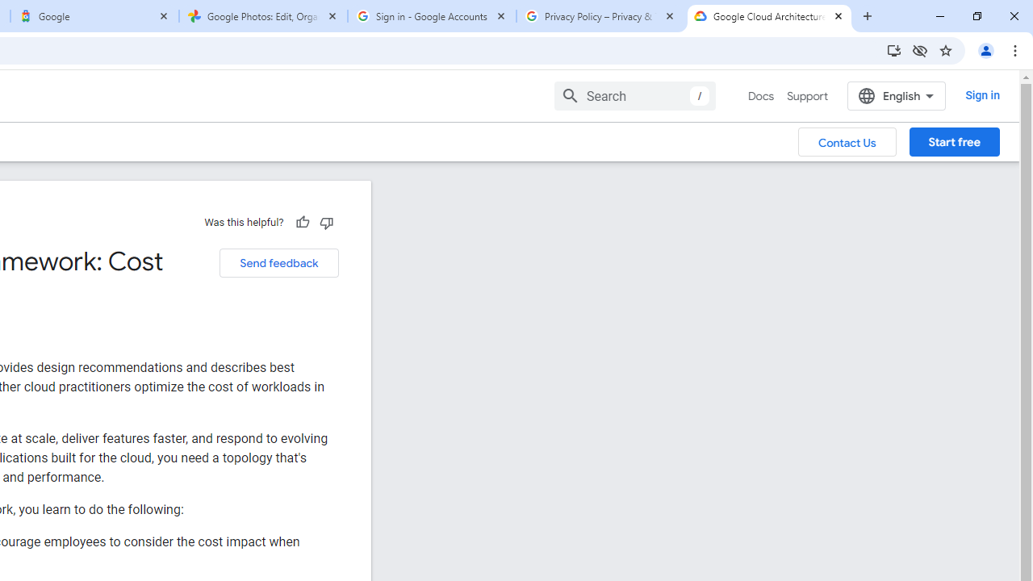 The height and width of the screenshot is (581, 1033). What do you see at coordinates (896, 95) in the screenshot?
I see `'English'` at bounding box center [896, 95].